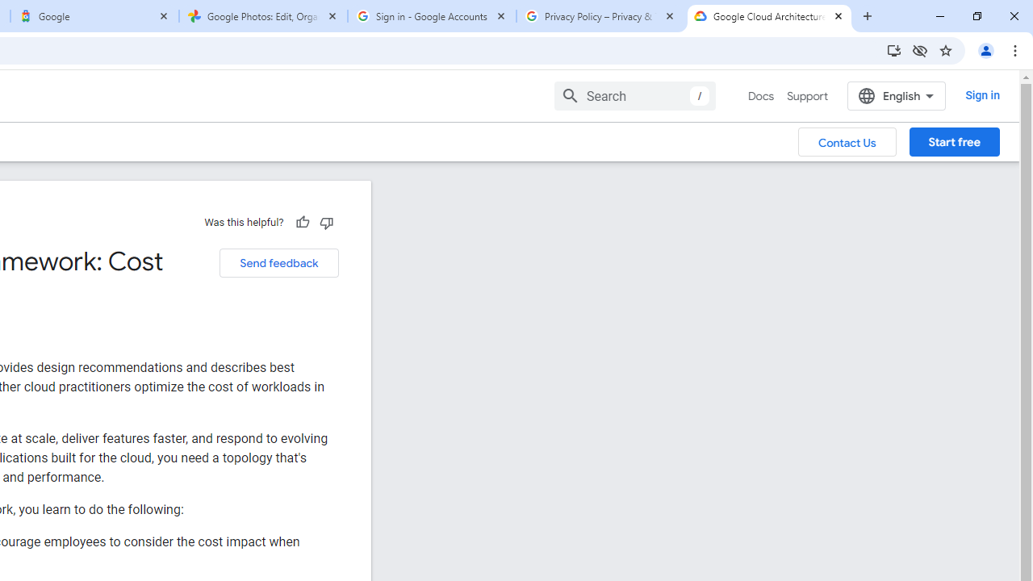 The height and width of the screenshot is (581, 1033). What do you see at coordinates (896, 95) in the screenshot?
I see `'English'` at bounding box center [896, 95].